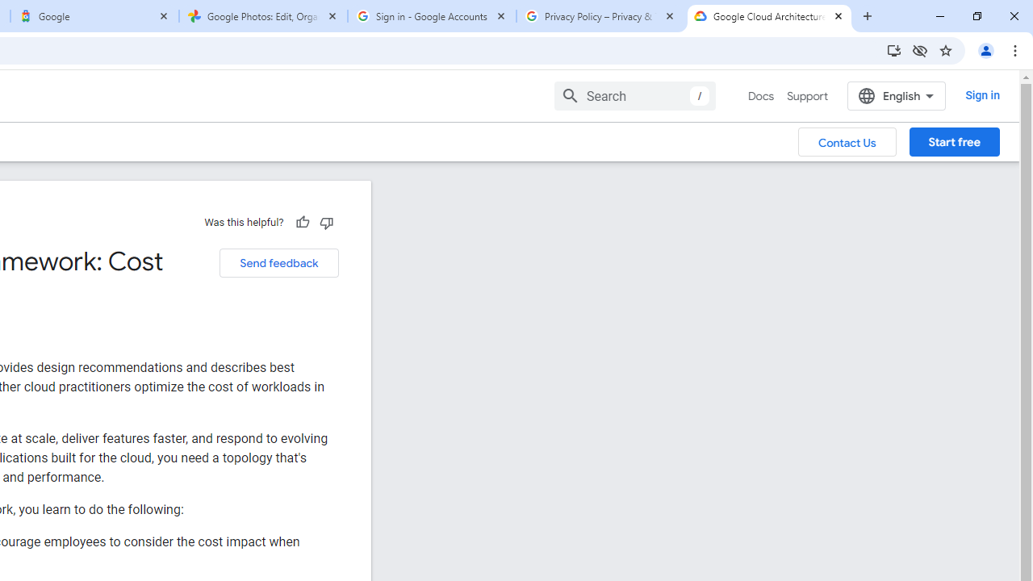 The height and width of the screenshot is (581, 1033). What do you see at coordinates (896, 95) in the screenshot?
I see `'English'` at bounding box center [896, 95].